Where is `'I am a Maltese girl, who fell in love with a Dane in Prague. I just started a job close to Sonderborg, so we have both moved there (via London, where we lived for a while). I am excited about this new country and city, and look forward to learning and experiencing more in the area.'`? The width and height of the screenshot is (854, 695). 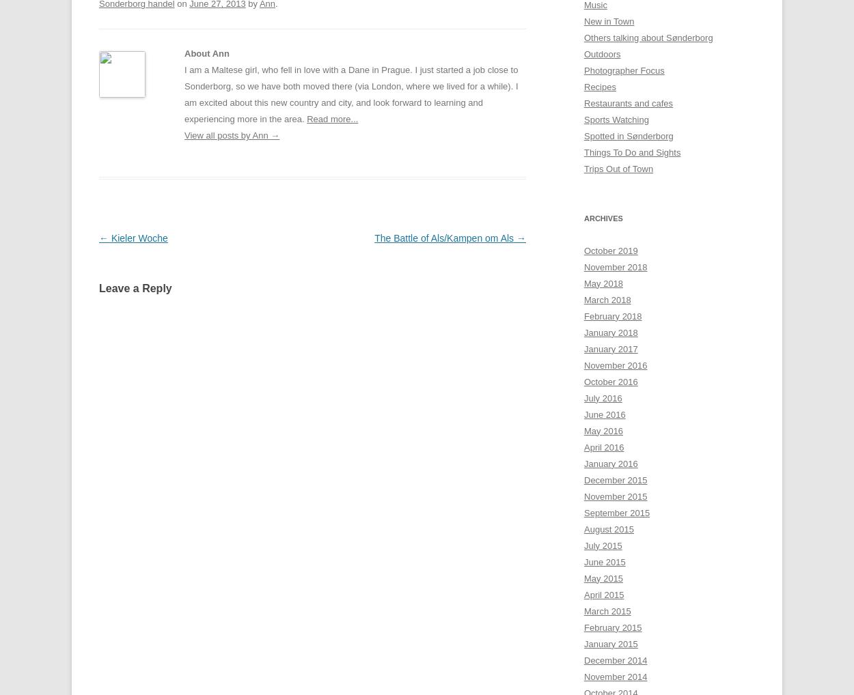
'I am a Maltese girl, who fell in love with a Dane in Prague. I just started a job close to Sonderborg, so we have both moved there (via London, where we lived for a while). I am excited about this new country and city, and look forward to learning and experiencing more in the area.' is located at coordinates (351, 94).